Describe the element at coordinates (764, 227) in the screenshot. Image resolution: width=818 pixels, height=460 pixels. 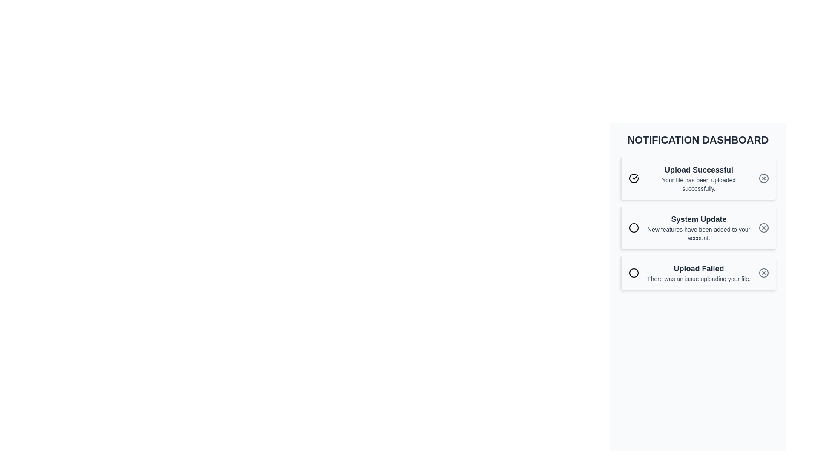
I see `the small, rounded button displaying an 'X' symbol located in the top-right corner of the 'System Update' notification card` at that location.